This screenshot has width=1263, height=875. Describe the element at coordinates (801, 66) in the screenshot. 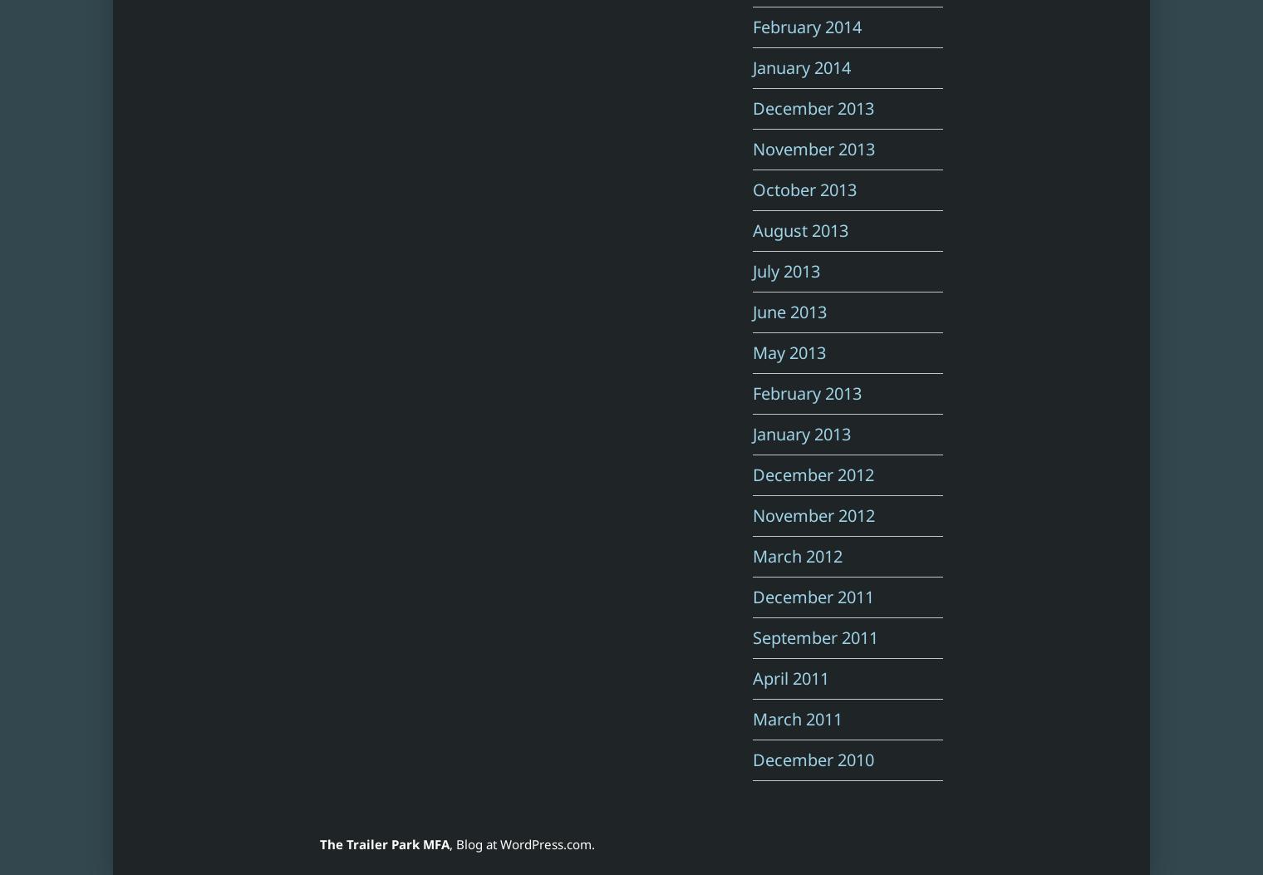

I see `'January 2014'` at that location.